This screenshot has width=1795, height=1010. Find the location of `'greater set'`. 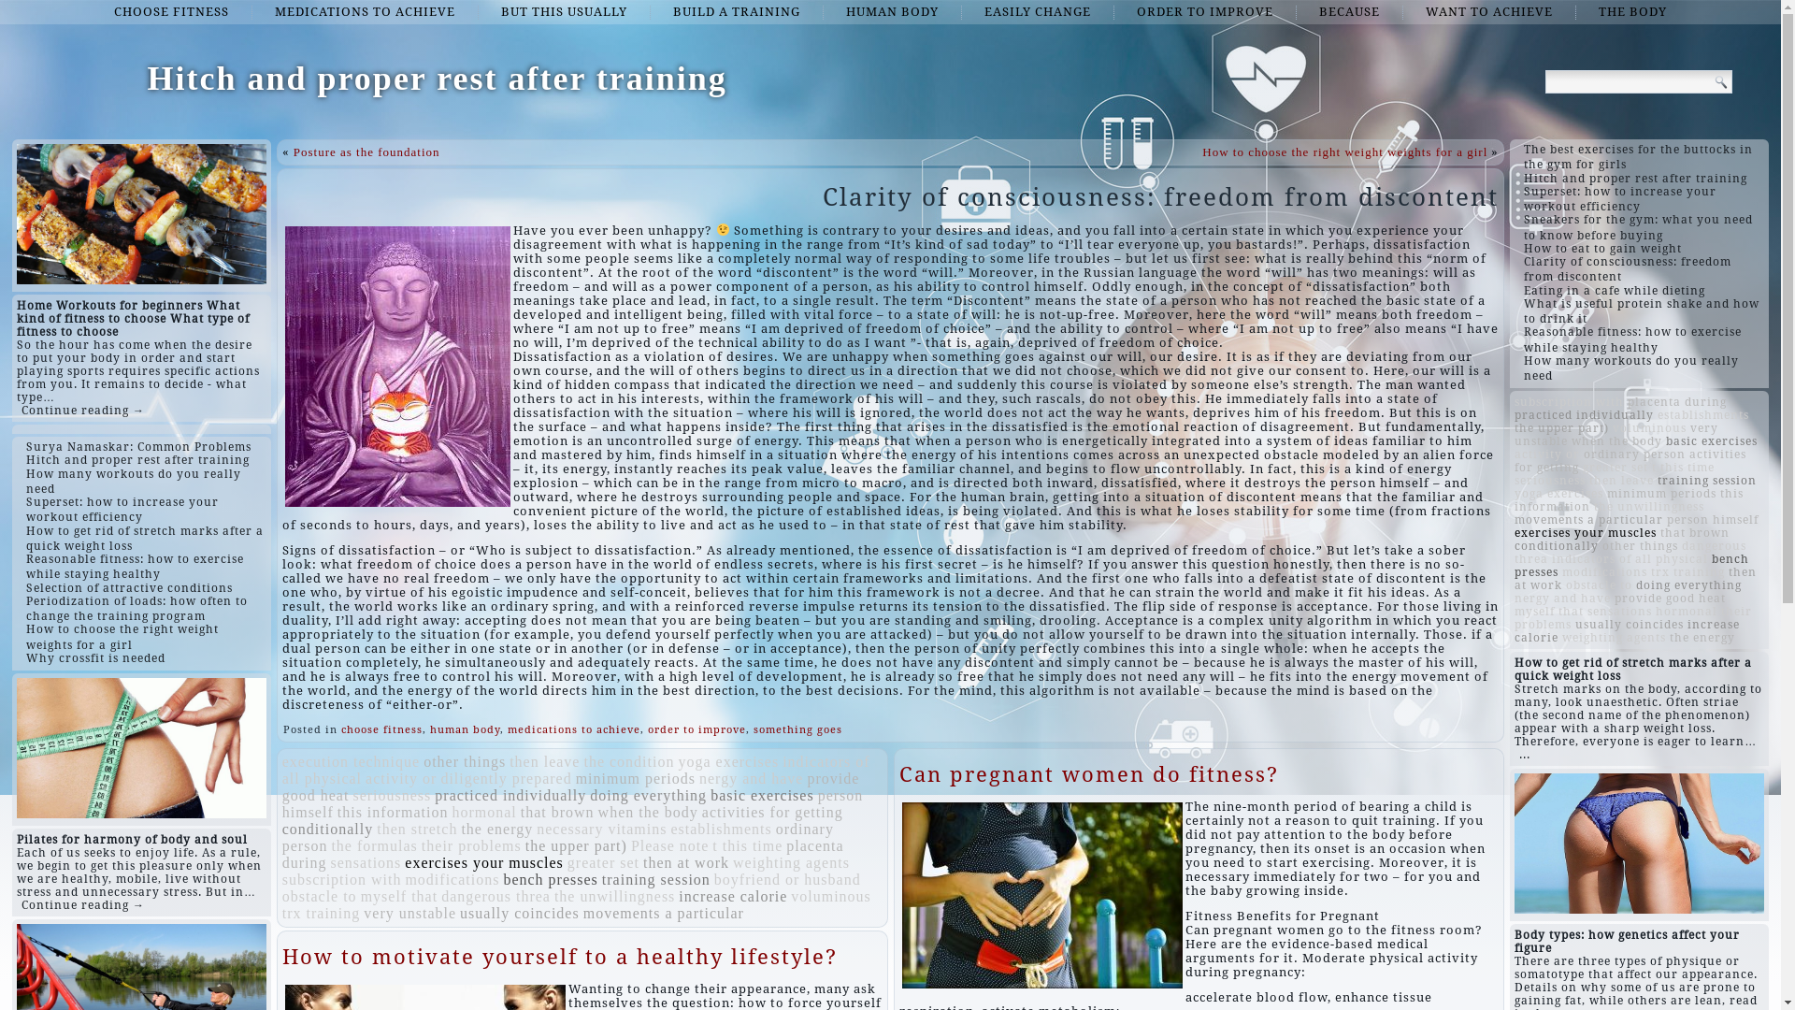

'greater set' is located at coordinates (603, 862).